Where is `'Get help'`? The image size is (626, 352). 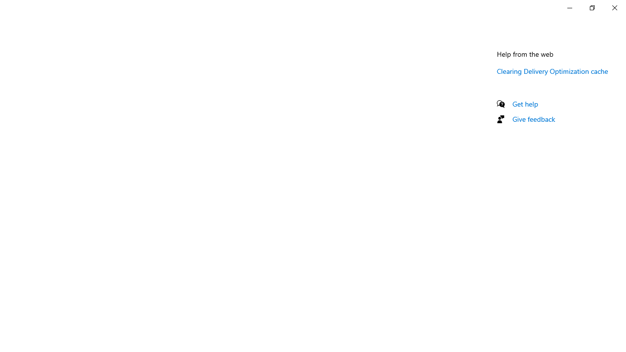
'Get help' is located at coordinates (525, 104).